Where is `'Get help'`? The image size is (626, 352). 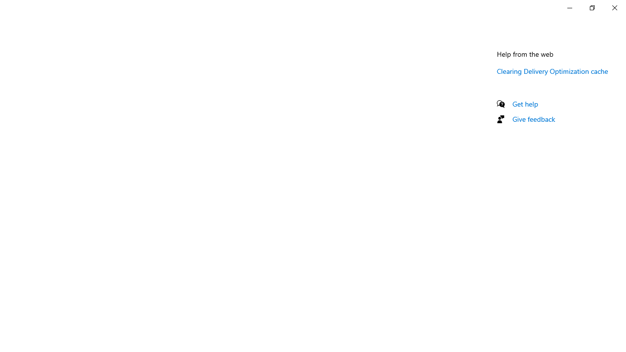
'Get help' is located at coordinates (525, 104).